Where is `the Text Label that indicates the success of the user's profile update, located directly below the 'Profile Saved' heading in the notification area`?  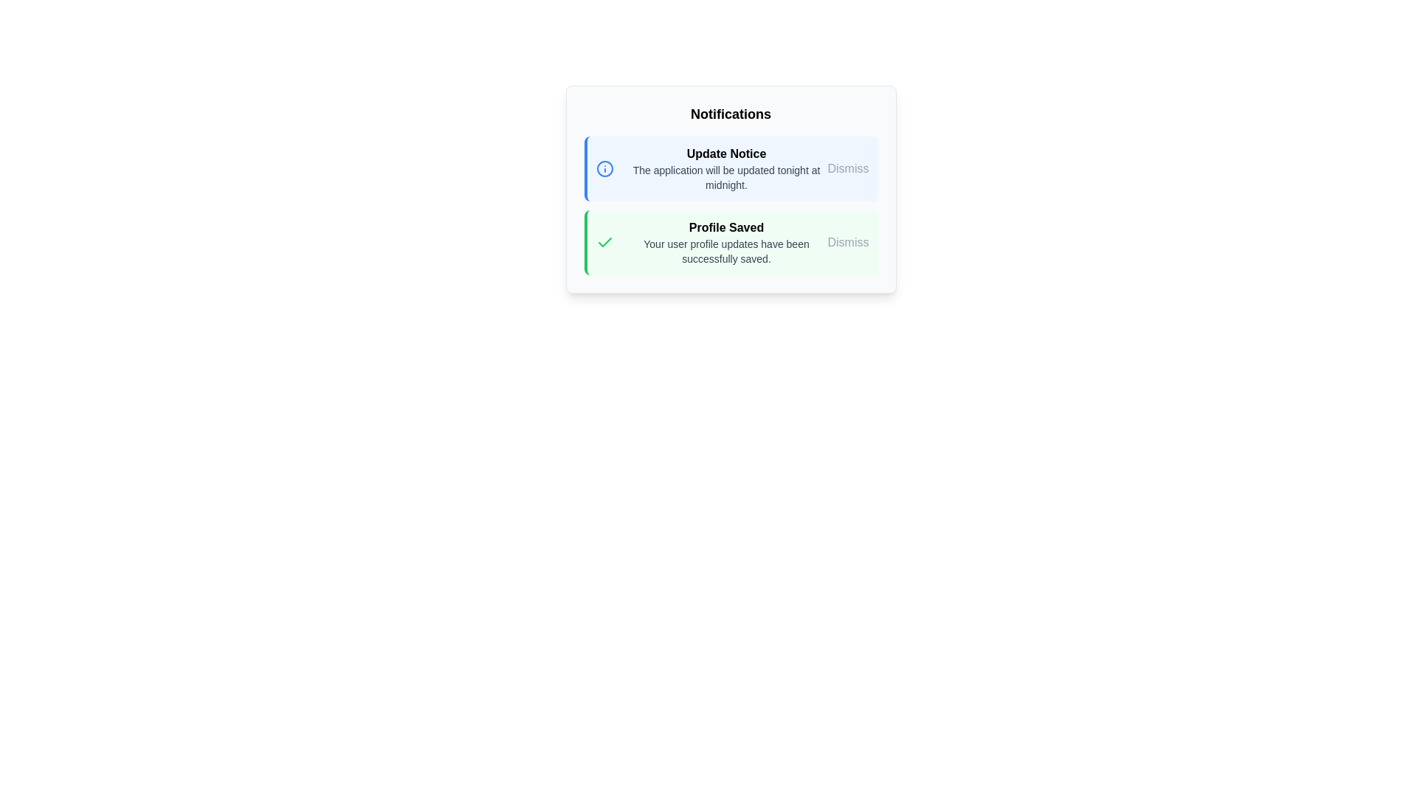
the Text Label that indicates the success of the user's profile update, located directly below the 'Profile Saved' heading in the notification area is located at coordinates (726, 250).